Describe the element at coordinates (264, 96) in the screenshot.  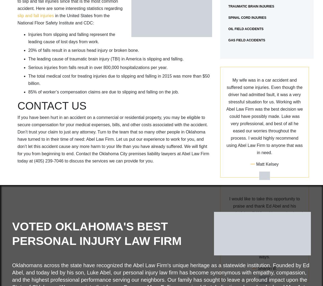
I see `'Abel Law Firm is 100% trustworthy!'` at that location.